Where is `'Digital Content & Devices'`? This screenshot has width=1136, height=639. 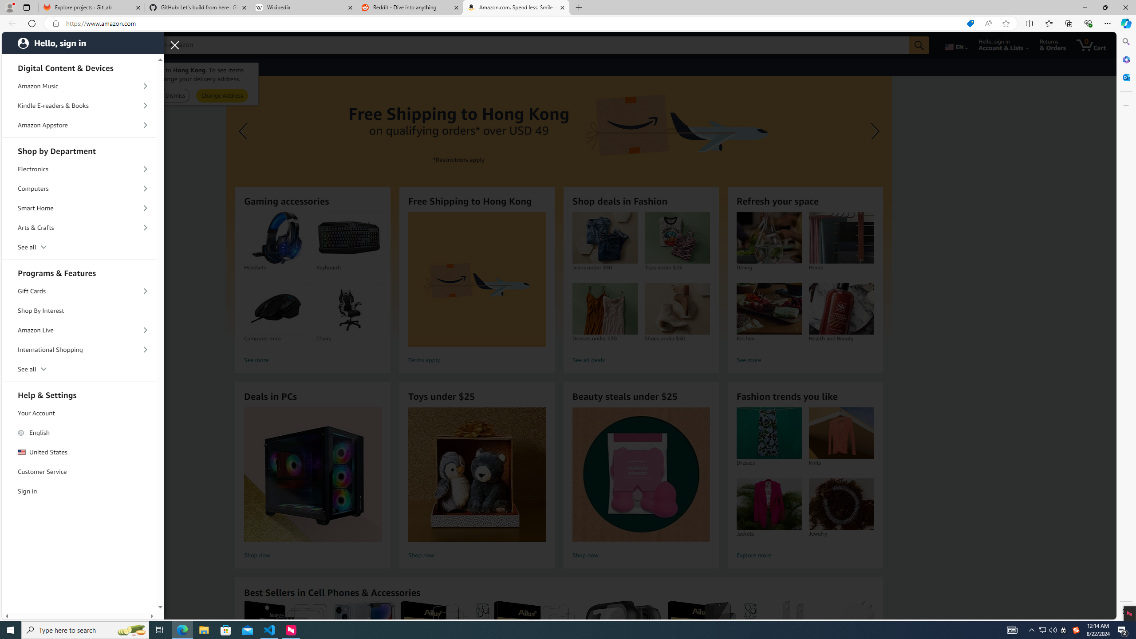 'Digital Content & Devices' is located at coordinates (79, 67).